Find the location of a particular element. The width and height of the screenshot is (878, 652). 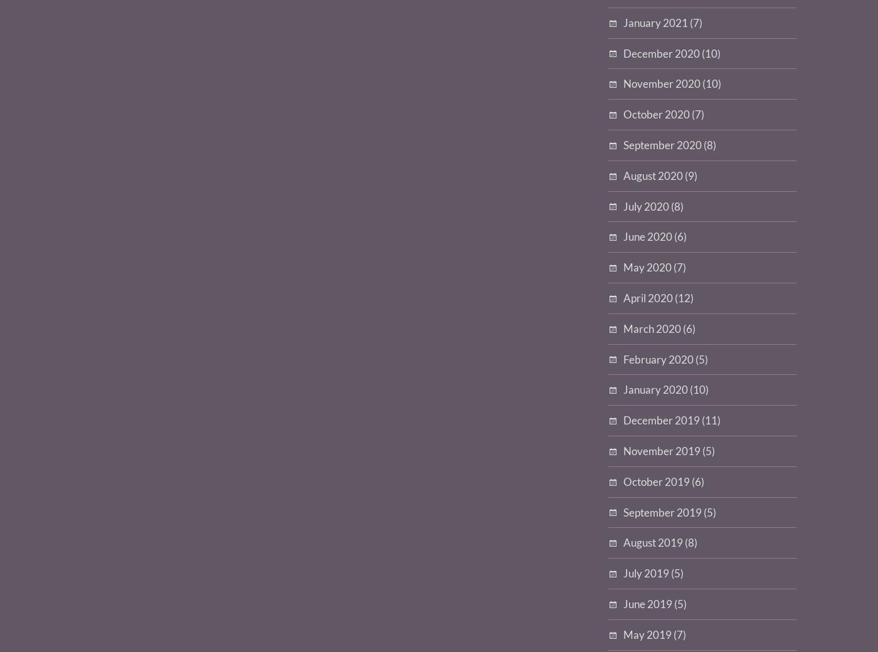

'May 2020' is located at coordinates (623, 267).